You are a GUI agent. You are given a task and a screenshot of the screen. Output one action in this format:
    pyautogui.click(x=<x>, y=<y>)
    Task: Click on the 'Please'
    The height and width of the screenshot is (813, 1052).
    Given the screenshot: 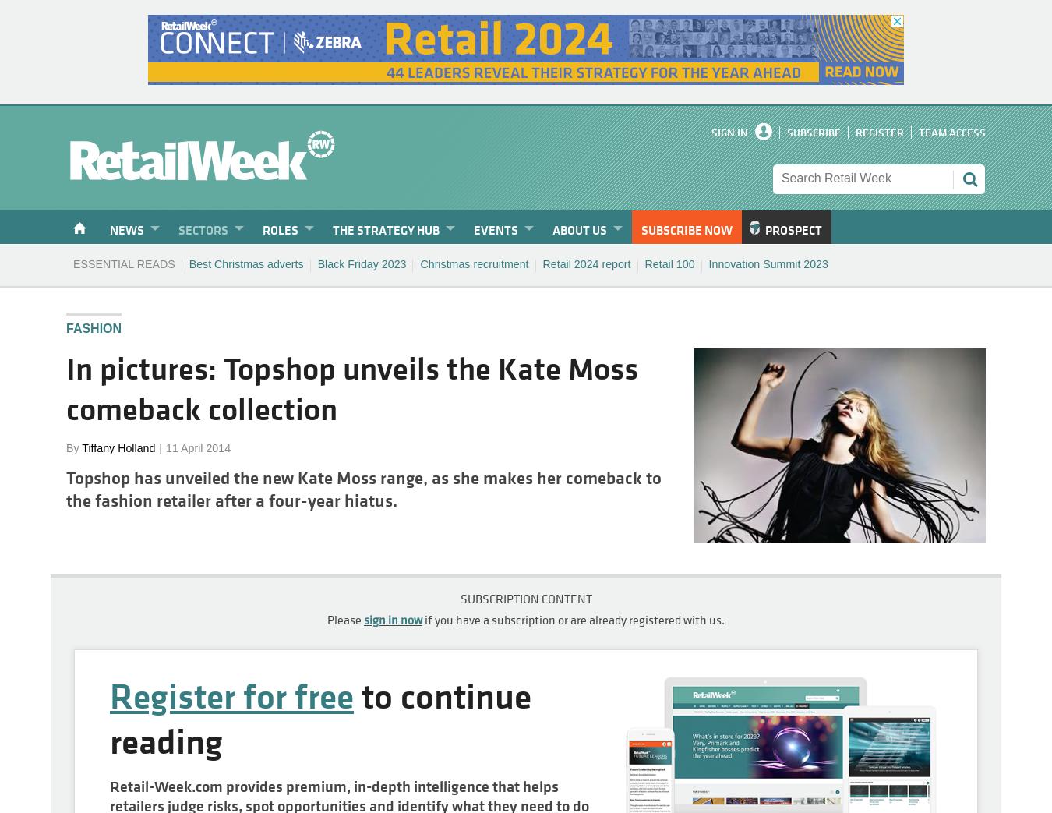 What is the action you would take?
    pyautogui.click(x=345, y=618)
    